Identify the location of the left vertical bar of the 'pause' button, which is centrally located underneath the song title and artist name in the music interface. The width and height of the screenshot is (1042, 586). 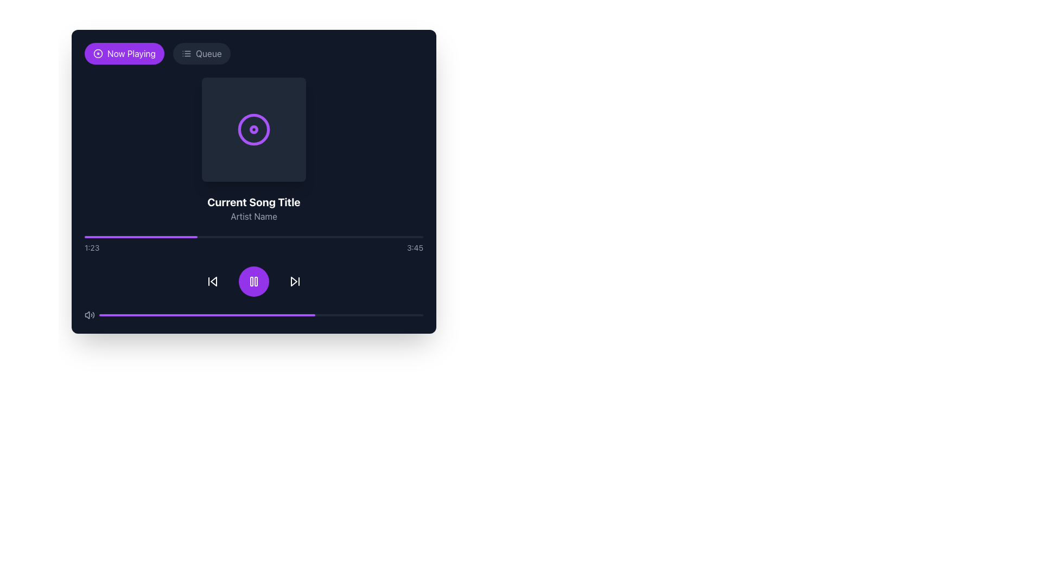
(251, 281).